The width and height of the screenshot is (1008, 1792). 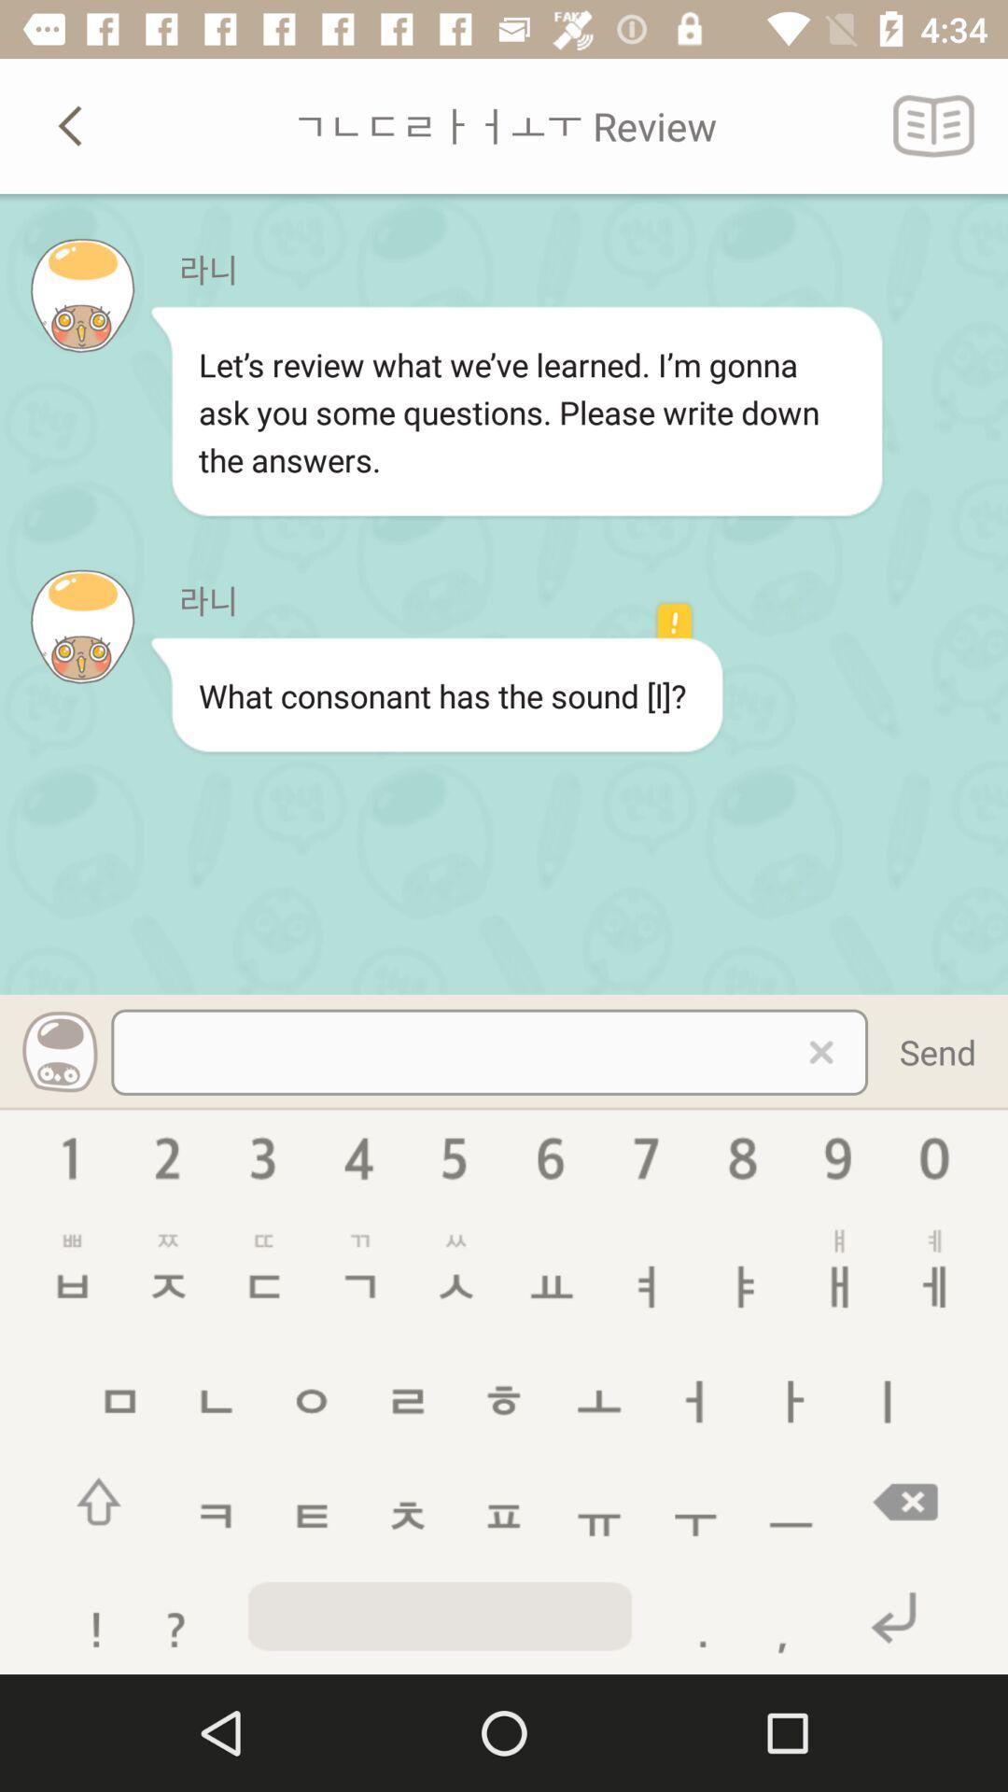 I want to click on the menu icon, so click(x=311, y=1502).